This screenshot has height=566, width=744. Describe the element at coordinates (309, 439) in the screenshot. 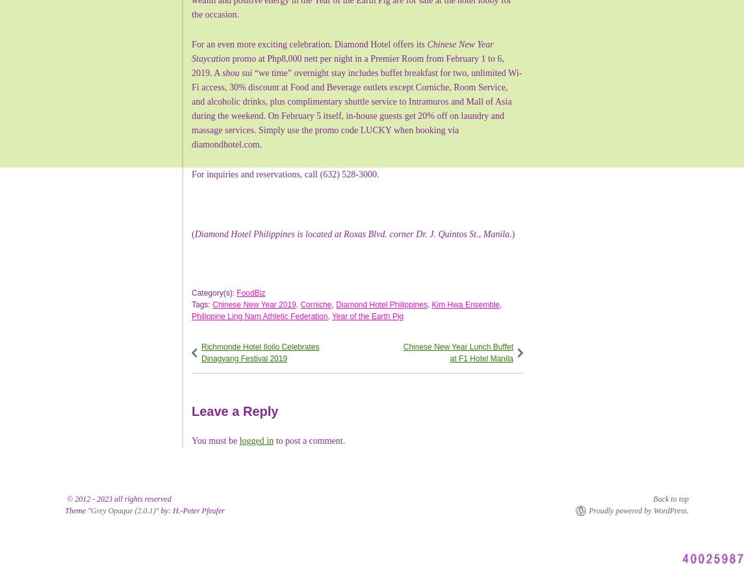

I see `'to post a comment.'` at that location.